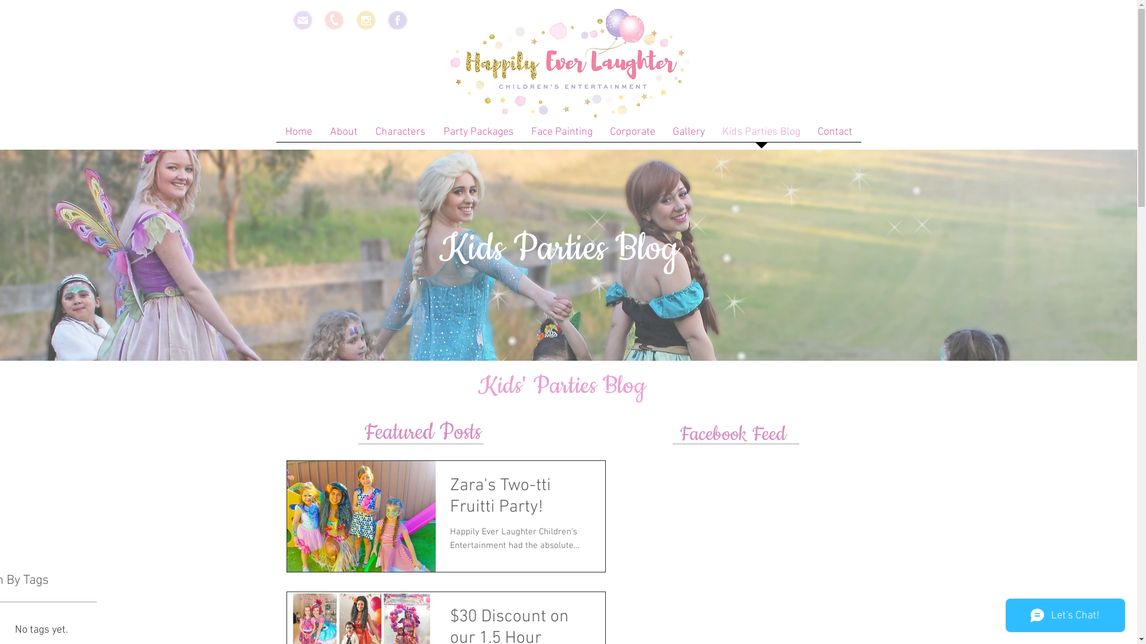 This screenshot has width=1146, height=644. I want to click on 'Face Painting', so click(561, 135).